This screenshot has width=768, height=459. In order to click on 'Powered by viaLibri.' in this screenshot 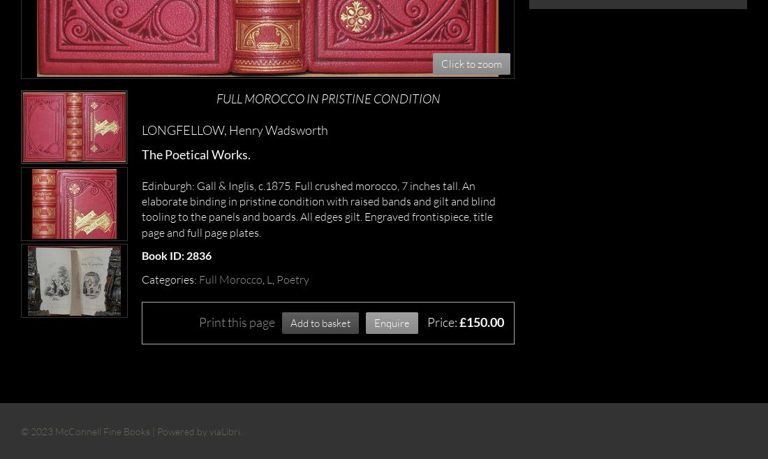, I will do `click(199, 430)`.